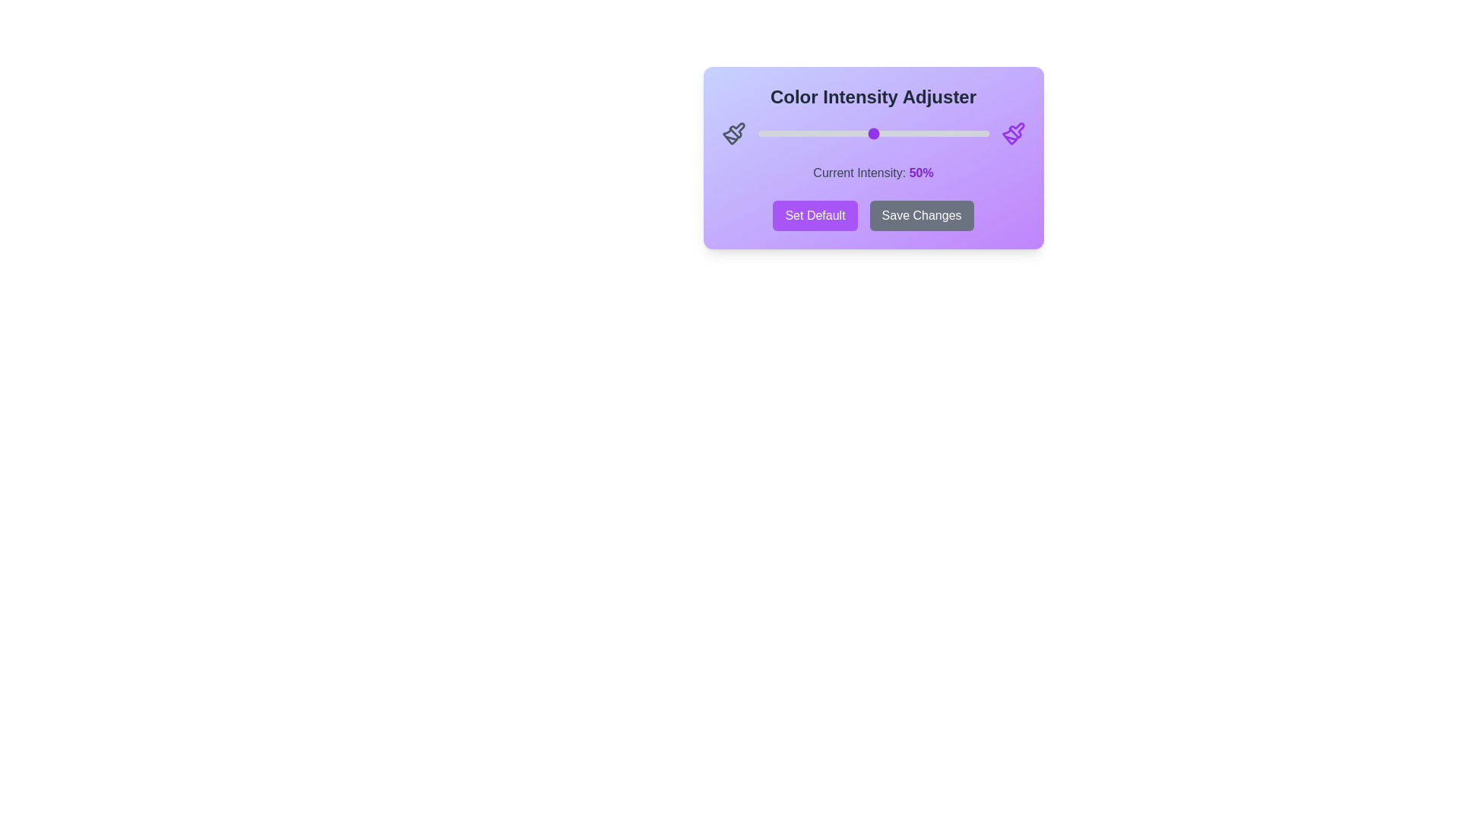 The height and width of the screenshot is (821, 1459). What do you see at coordinates (764, 133) in the screenshot?
I see `the slider to set the intensity to 3%` at bounding box center [764, 133].